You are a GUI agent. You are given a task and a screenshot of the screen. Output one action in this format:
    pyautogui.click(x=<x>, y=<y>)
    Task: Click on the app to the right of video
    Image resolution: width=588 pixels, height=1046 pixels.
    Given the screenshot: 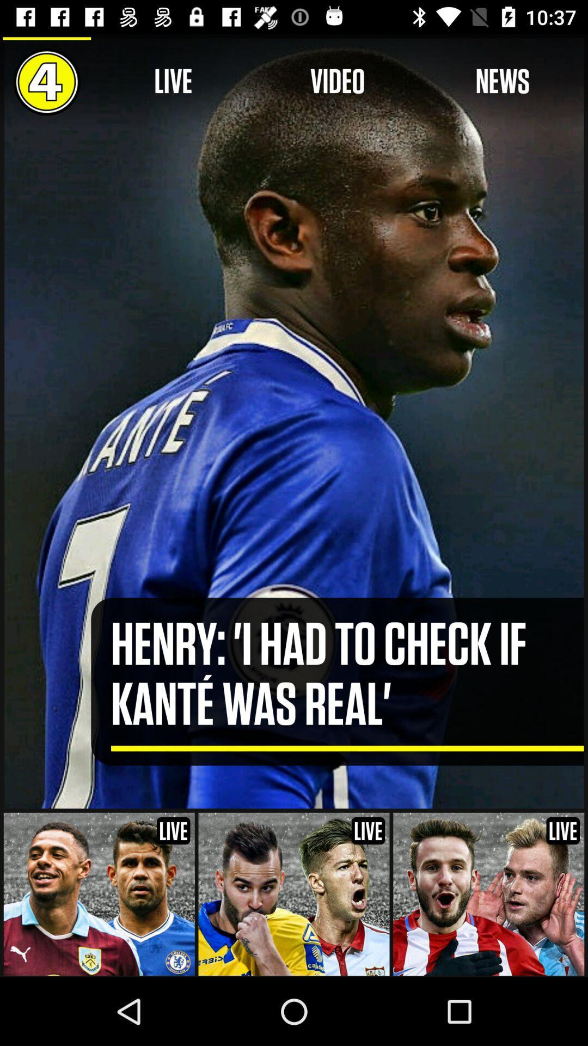 What is the action you would take?
    pyautogui.click(x=503, y=81)
    